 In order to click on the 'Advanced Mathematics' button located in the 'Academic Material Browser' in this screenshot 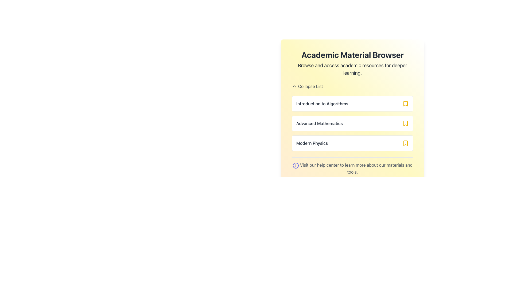, I will do `click(352, 123)`.